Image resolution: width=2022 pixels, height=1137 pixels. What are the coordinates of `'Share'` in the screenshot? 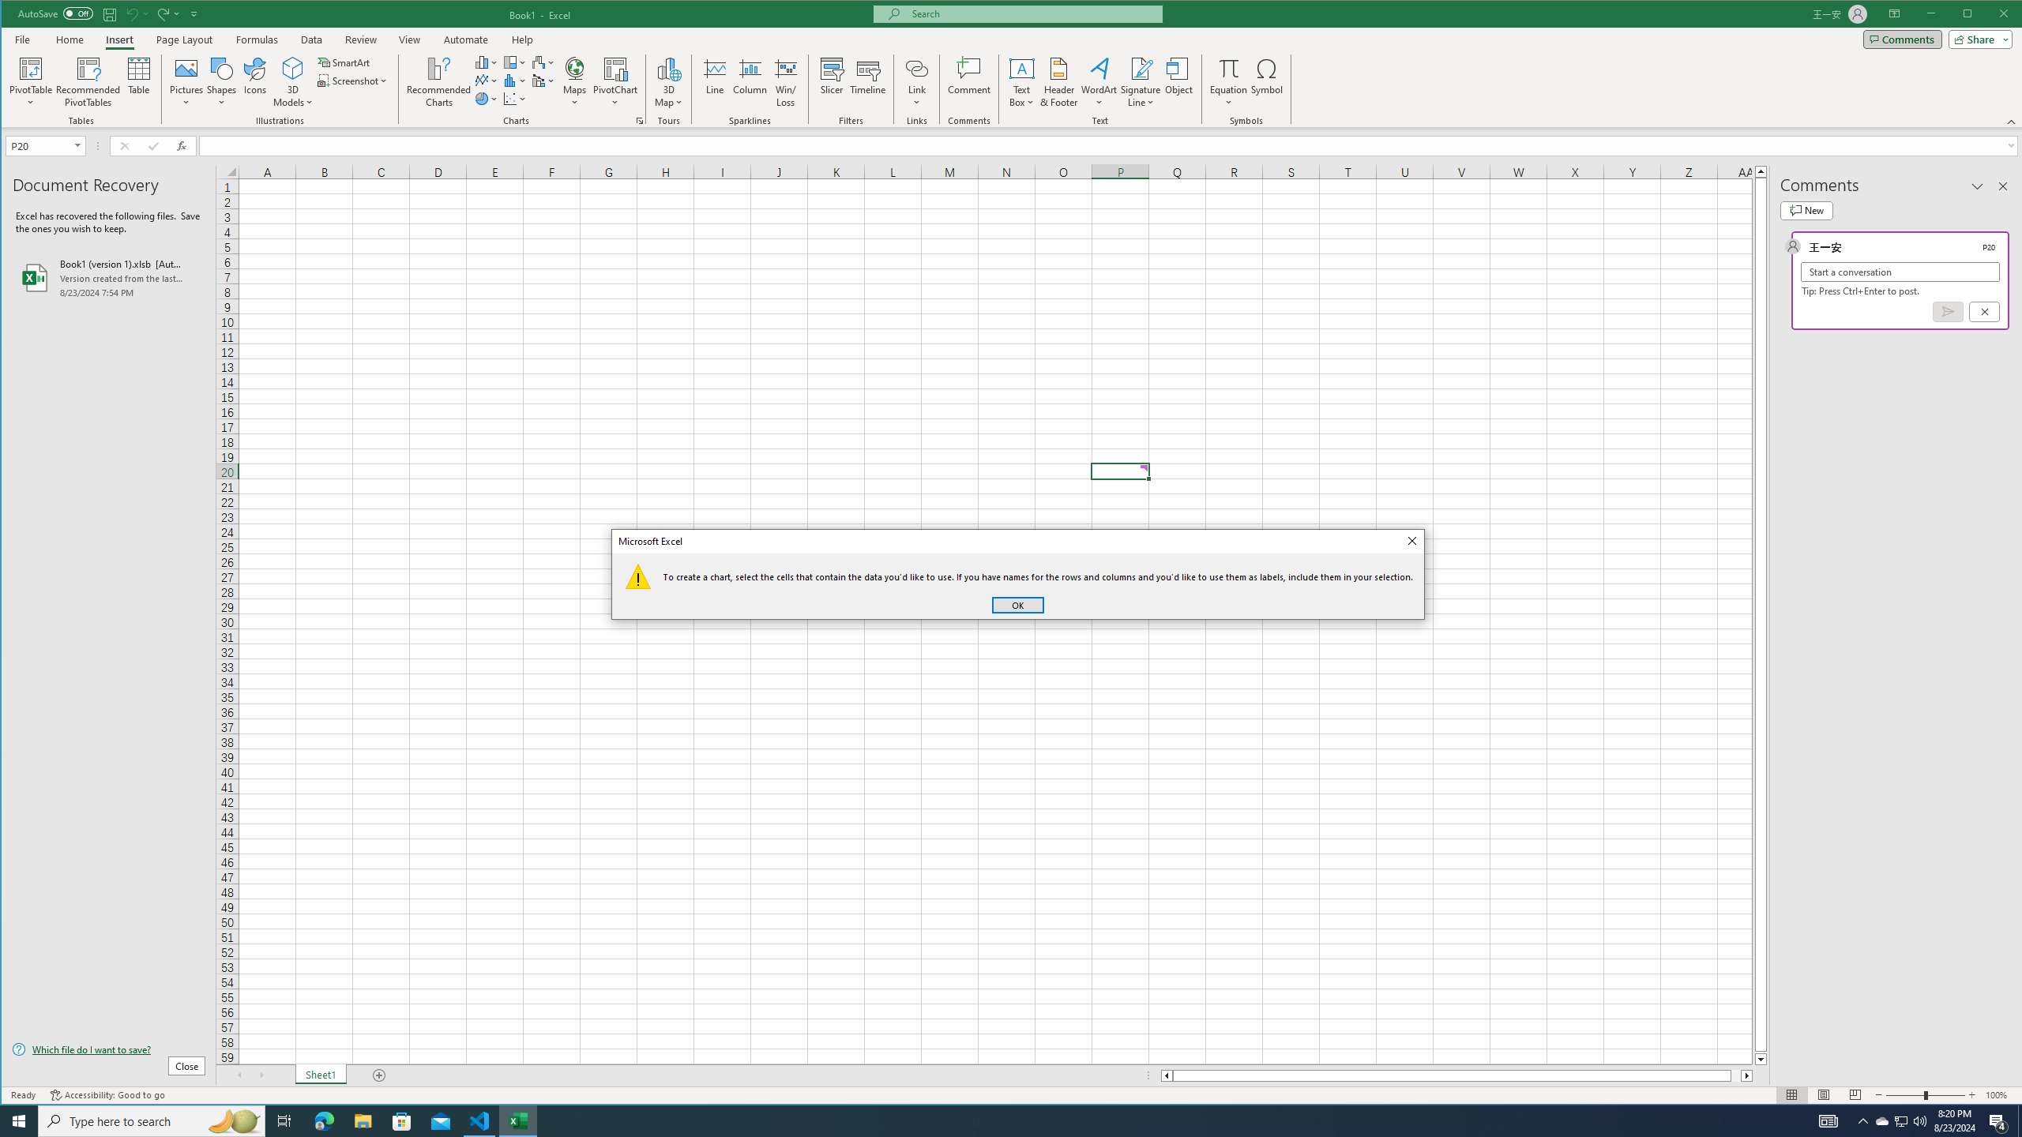 It's located at (1976, 39).